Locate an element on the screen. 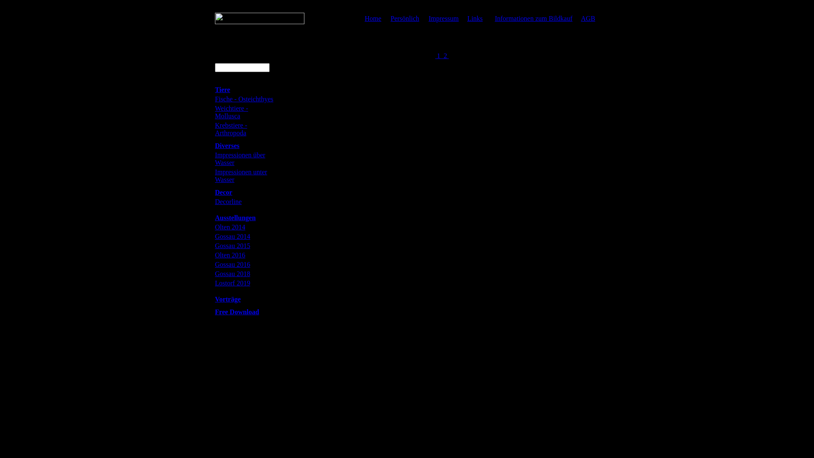  'Links' is located at coordinates (474, 18).